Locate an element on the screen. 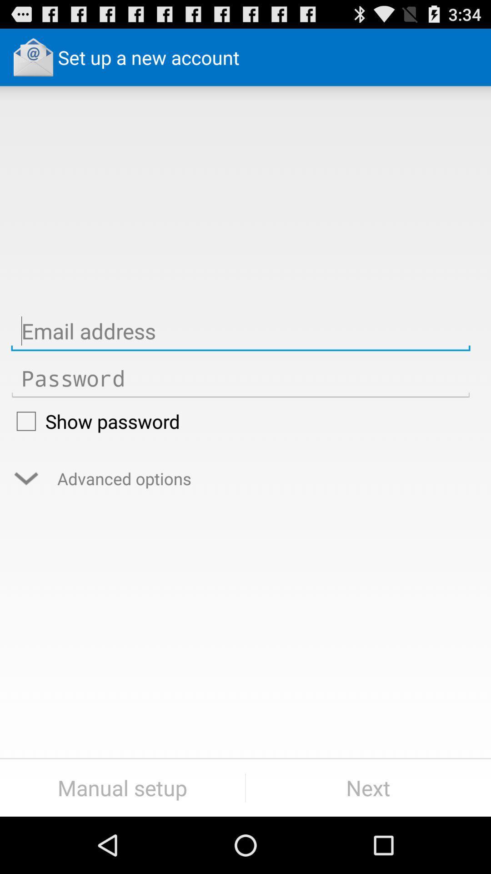 Image resolution: width=491 pixels, height=874 pixels. show password icon is located at coordinates (240, 421).